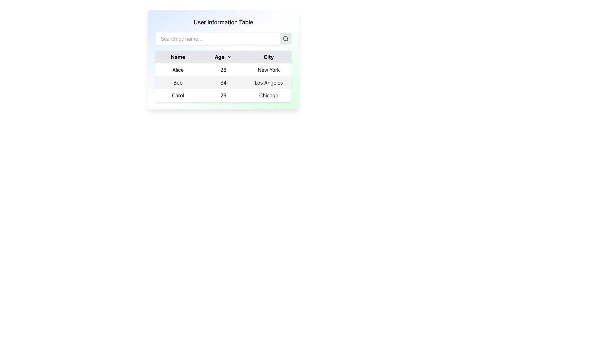 The image size is (615, 346). Describe the element at coordinates (223, 82) in the screenshot. I see `the static text element displaying 'Bob's age' in the summary table under the 'Age' column` at that location.